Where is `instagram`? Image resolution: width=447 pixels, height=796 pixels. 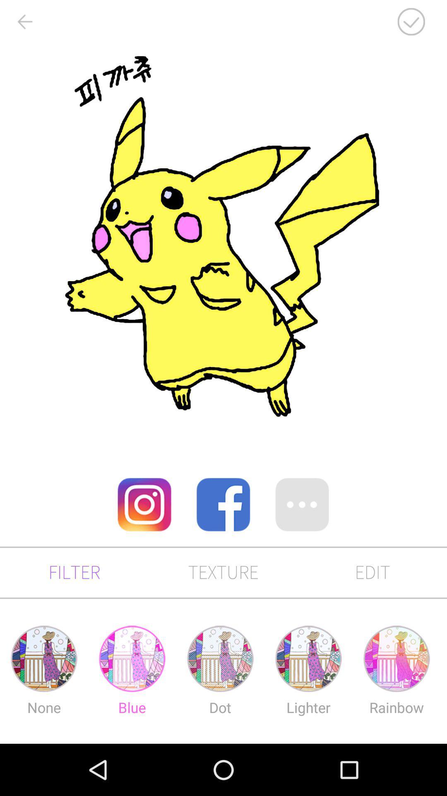 instagram is located at coordinates (144, 504).